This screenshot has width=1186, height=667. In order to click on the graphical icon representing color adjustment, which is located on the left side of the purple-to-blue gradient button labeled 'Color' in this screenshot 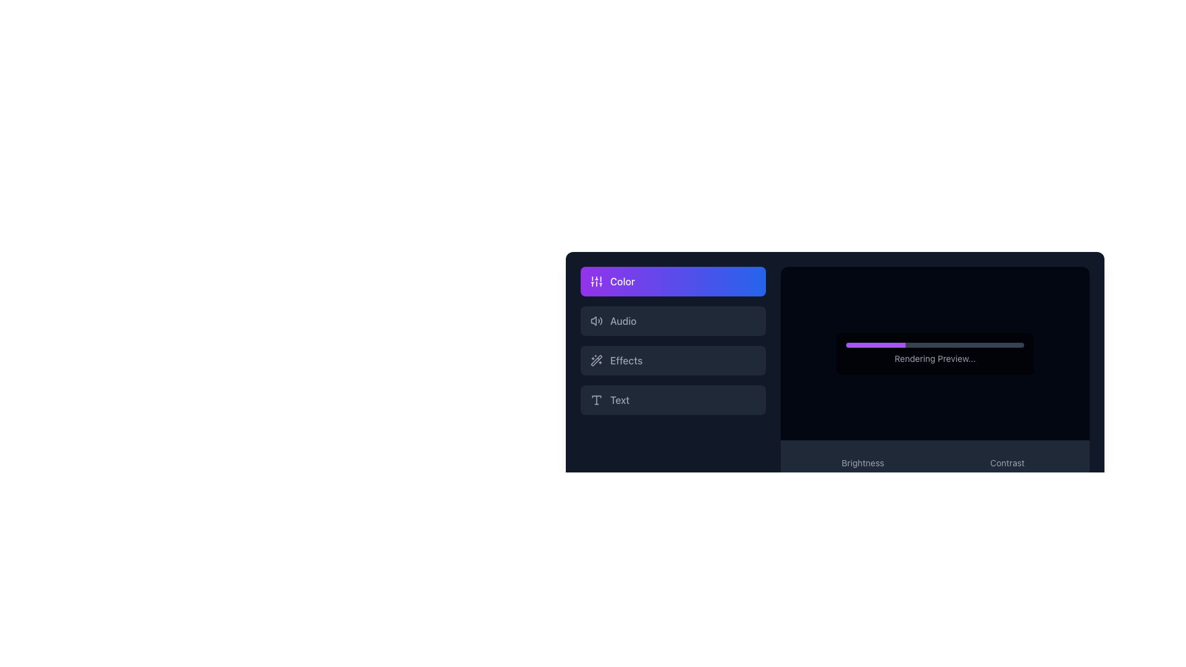, I will do `click(596, 281)`.